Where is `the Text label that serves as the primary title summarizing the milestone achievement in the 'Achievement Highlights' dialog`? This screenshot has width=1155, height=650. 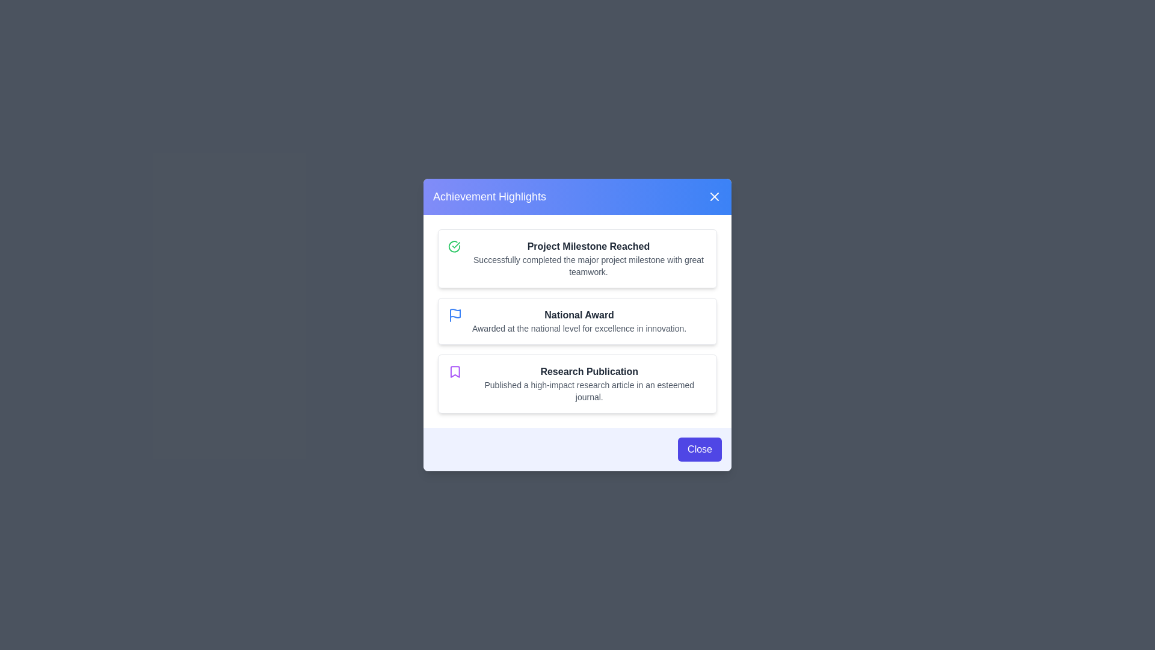 the Text label that serves as the primary title summarizing the milestone achievement in the 'Achievement Highlights' dialog is located at coordinates (588, 246).